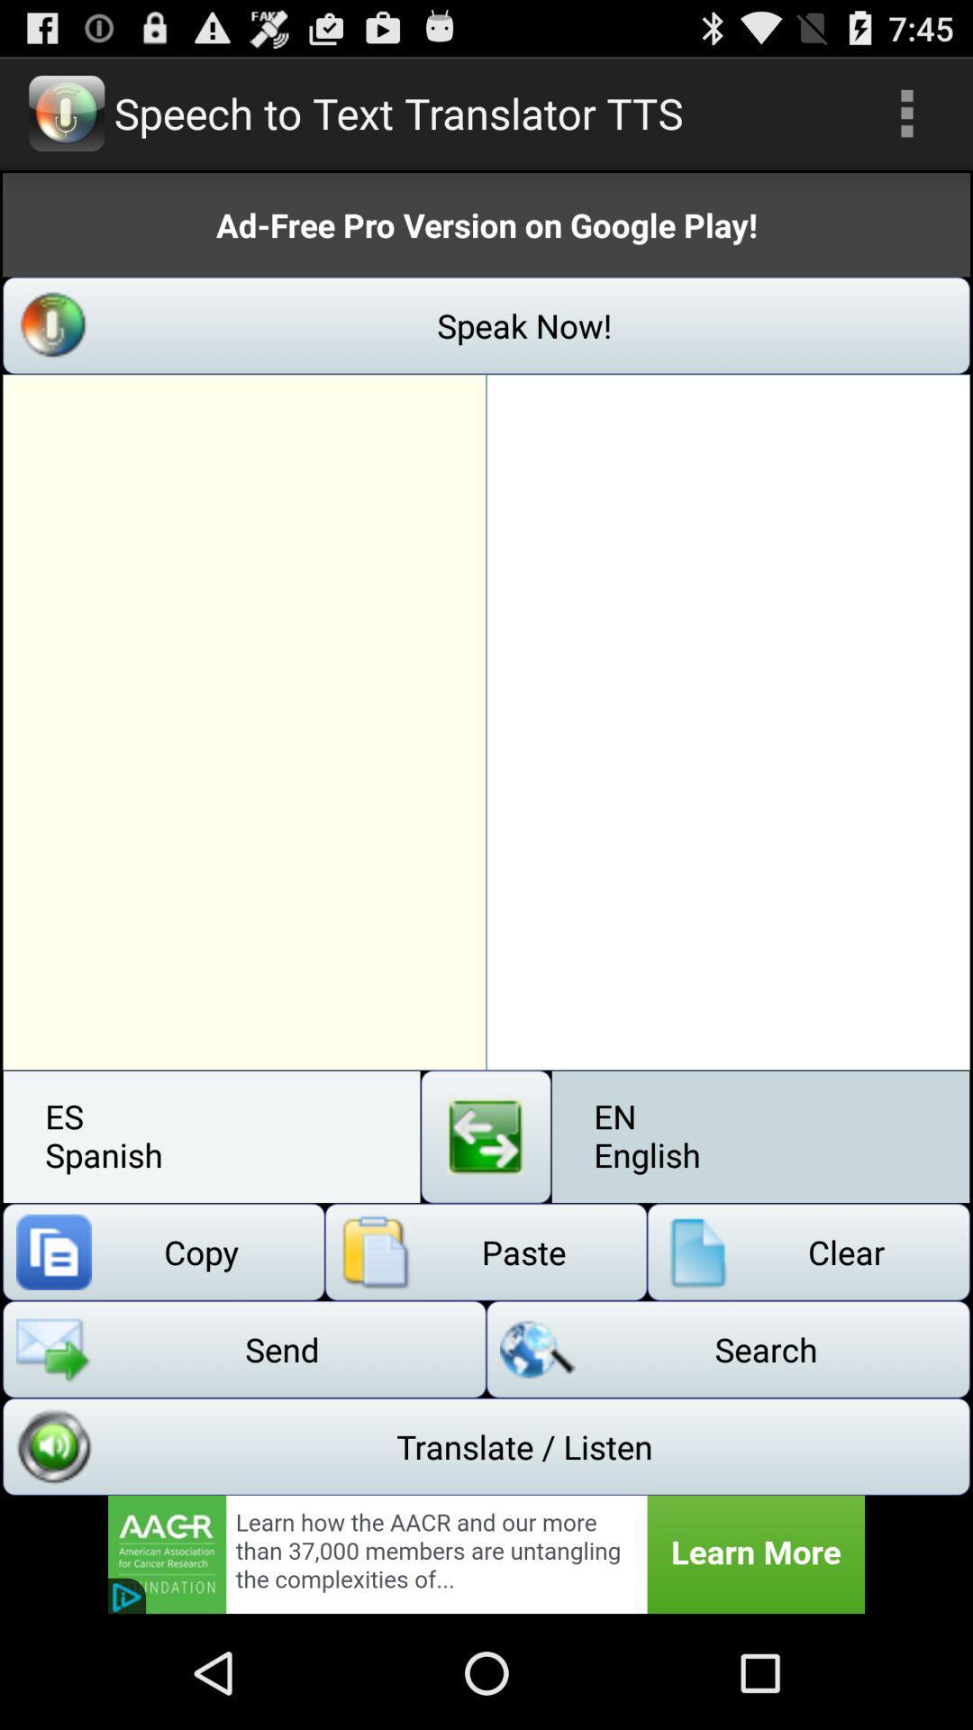  What do you see at coordinates (486, 1553) in the screenshot?
I see `advertisement` at bounding box center [486, 1553].